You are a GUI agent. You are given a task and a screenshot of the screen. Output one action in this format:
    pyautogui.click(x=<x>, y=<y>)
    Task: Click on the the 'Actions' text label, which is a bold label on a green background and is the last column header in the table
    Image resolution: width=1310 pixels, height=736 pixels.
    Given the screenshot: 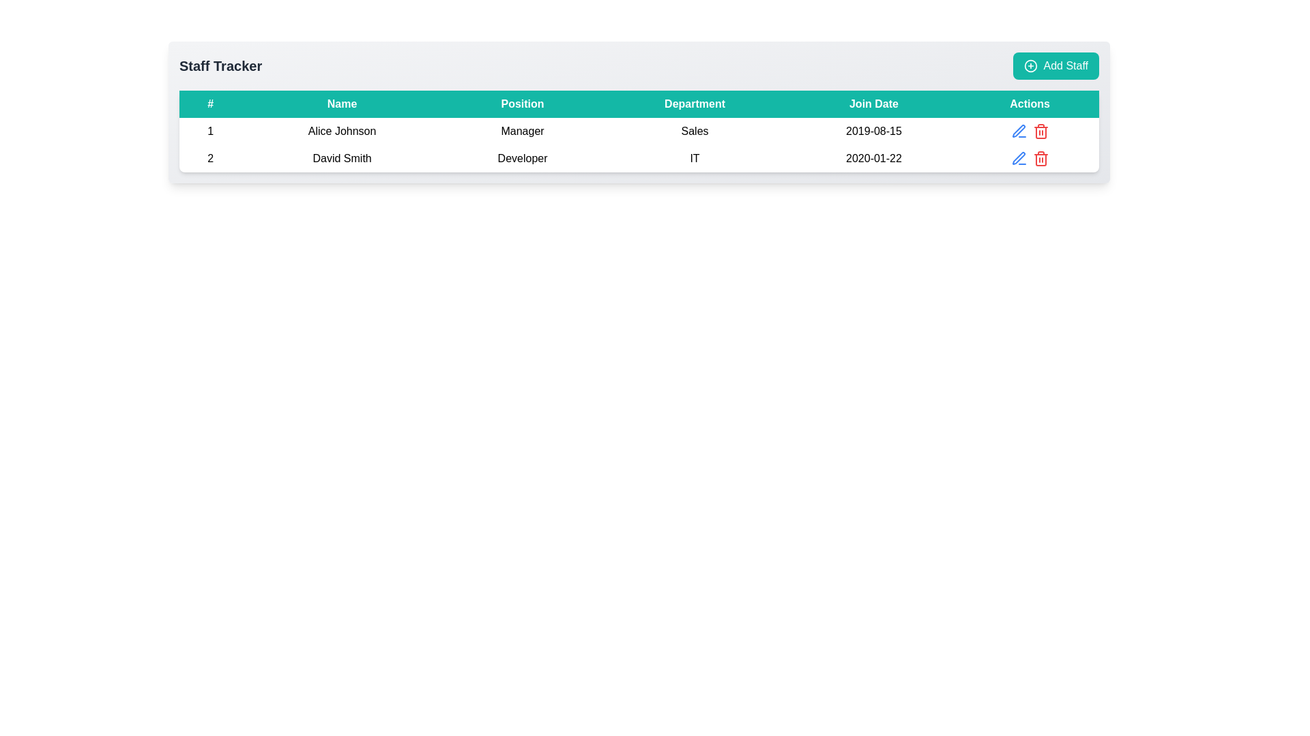 What is the action you would take?
    pyautogui.click(x=1030, y=104)
    